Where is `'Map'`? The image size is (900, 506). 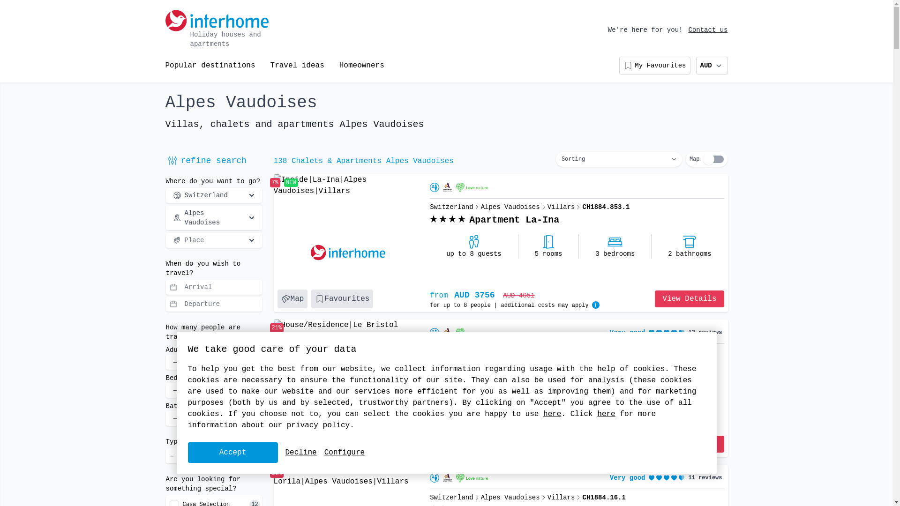
'Map' is located at coordinates (292, 298).